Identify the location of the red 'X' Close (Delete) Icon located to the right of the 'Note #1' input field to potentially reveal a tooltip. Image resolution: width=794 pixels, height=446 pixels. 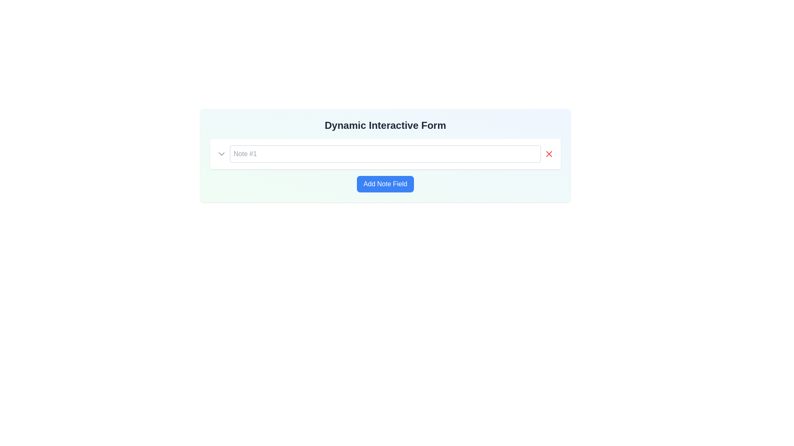
(549, 154).